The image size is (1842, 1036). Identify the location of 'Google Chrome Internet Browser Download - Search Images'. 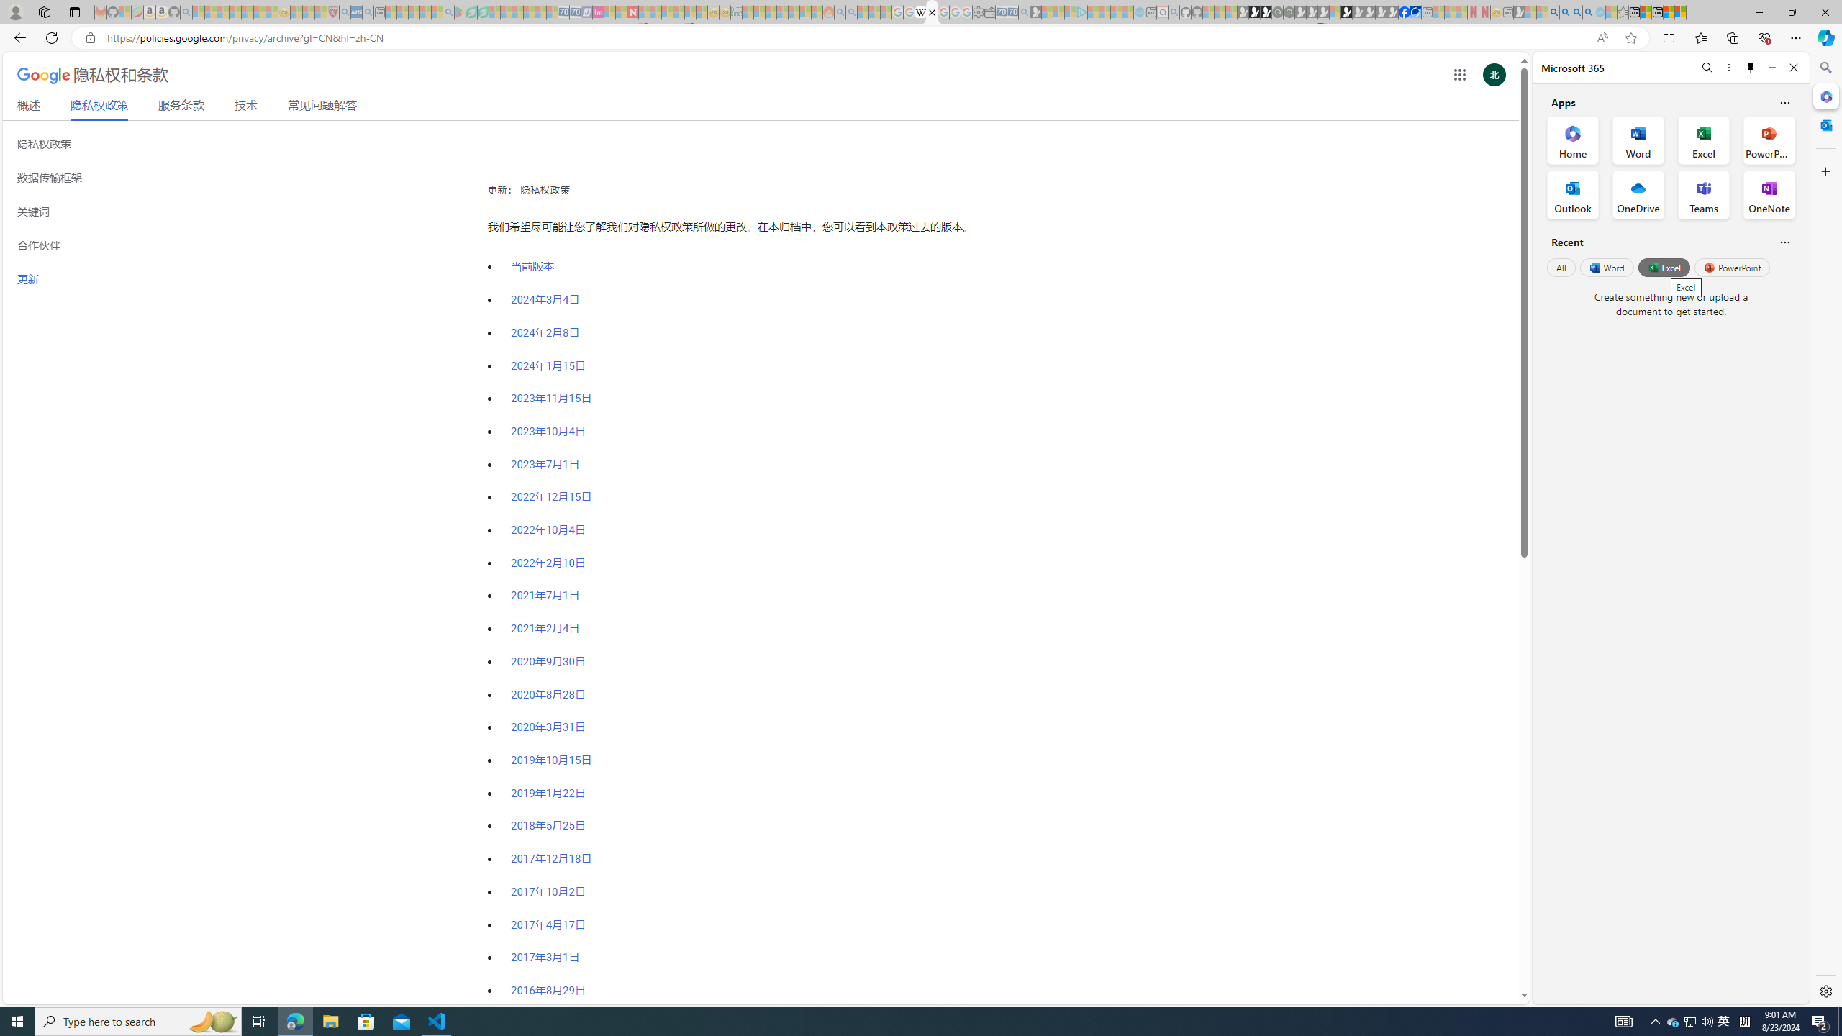
(1589, 12).